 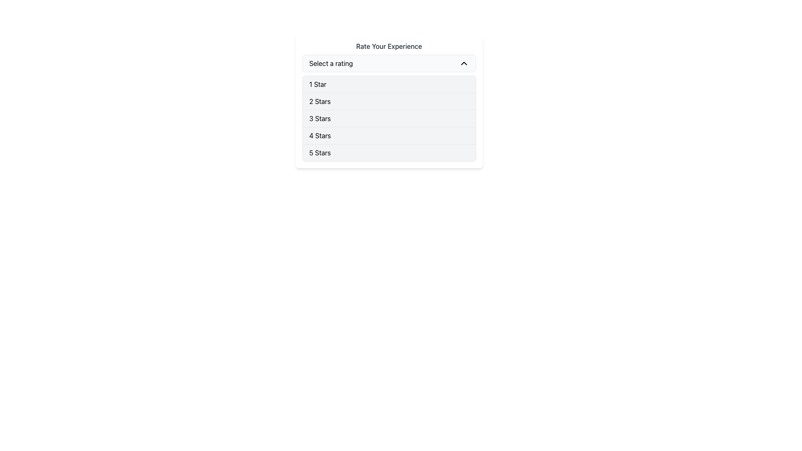 I want to click on the '1 Star' dropdown list item, so click(x=388, y=84).